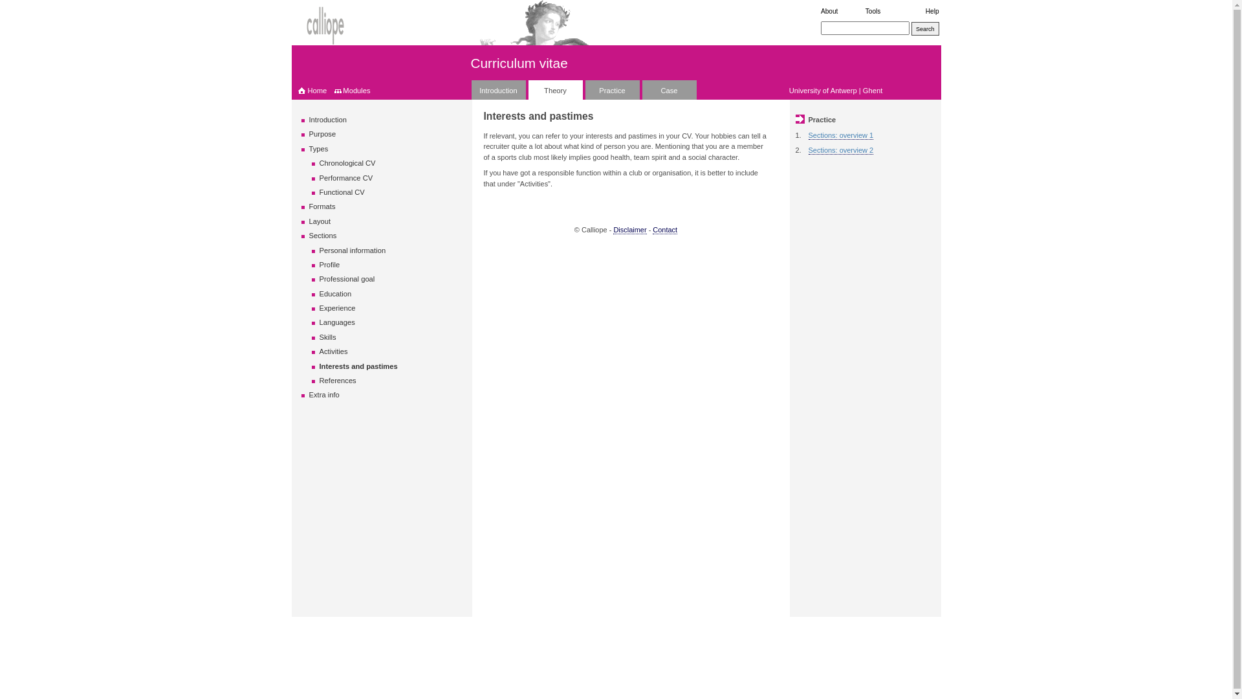 The image size is (1242, 699). Describe the element at coordinates (320, 321) in the screenshot. I see `'Languages'` at that location.